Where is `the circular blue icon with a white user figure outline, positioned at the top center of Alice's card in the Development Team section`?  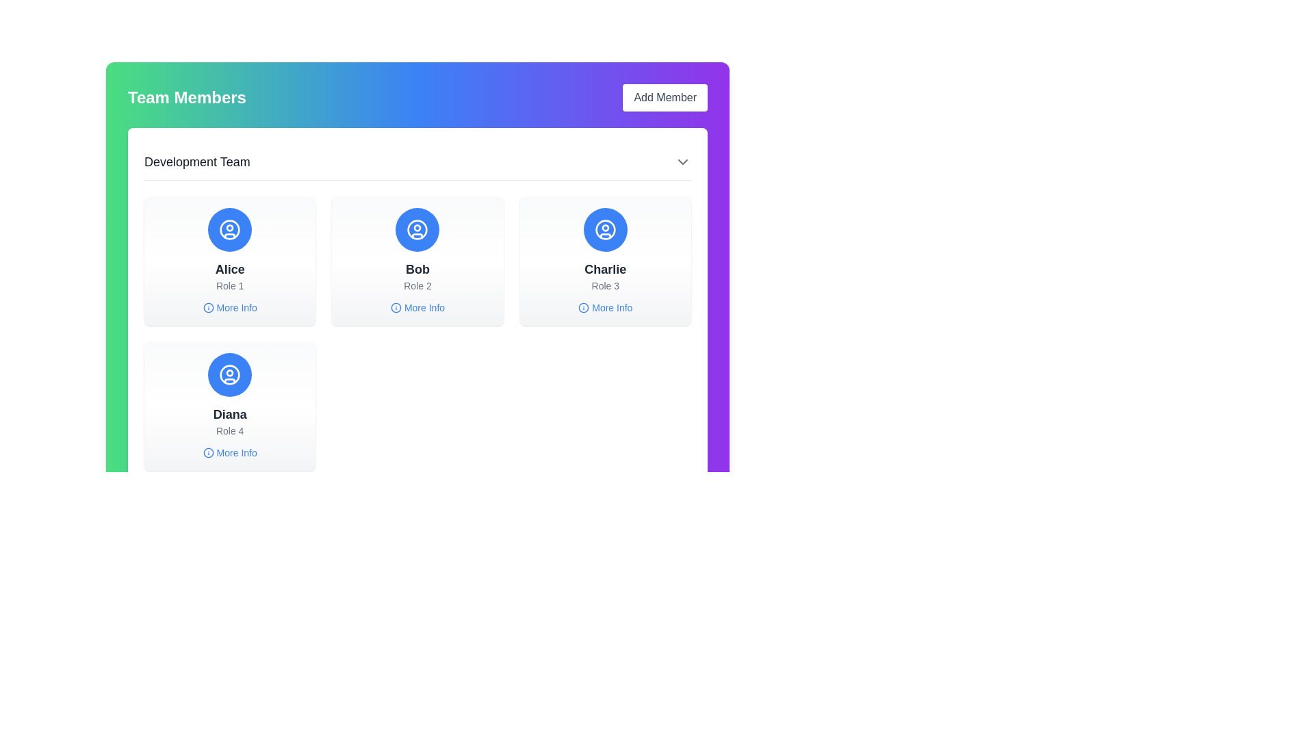
the circular blue icon with a white user figure outline, positioned at the top center of Alice's card in the Development Team section is located at coordinates (230, 229).